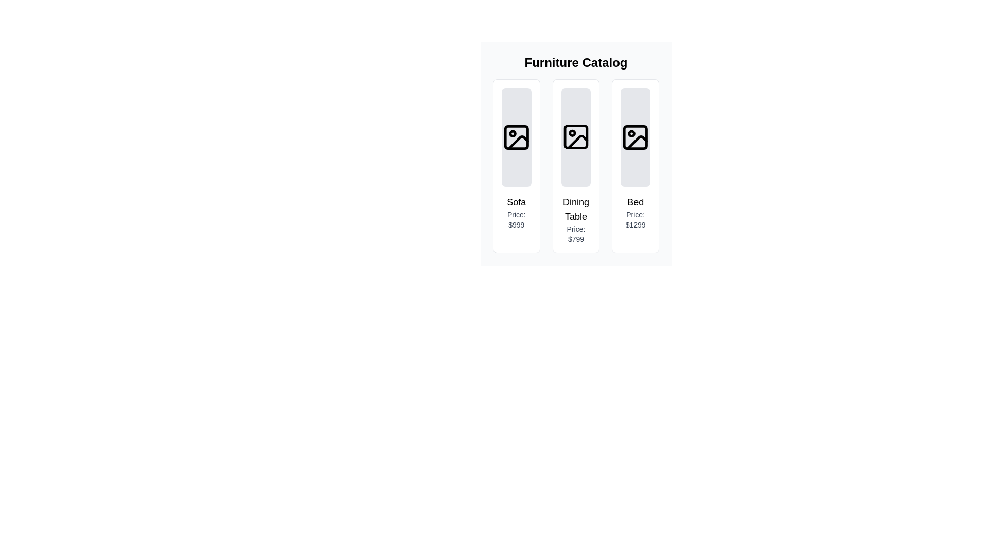 Image resolution: width=988 pixels, height=556 pixels. I want to click on the label text that describes the item in the central panel, located below the image placeholder and above the 'Price: $799' text, so click(575, 209).